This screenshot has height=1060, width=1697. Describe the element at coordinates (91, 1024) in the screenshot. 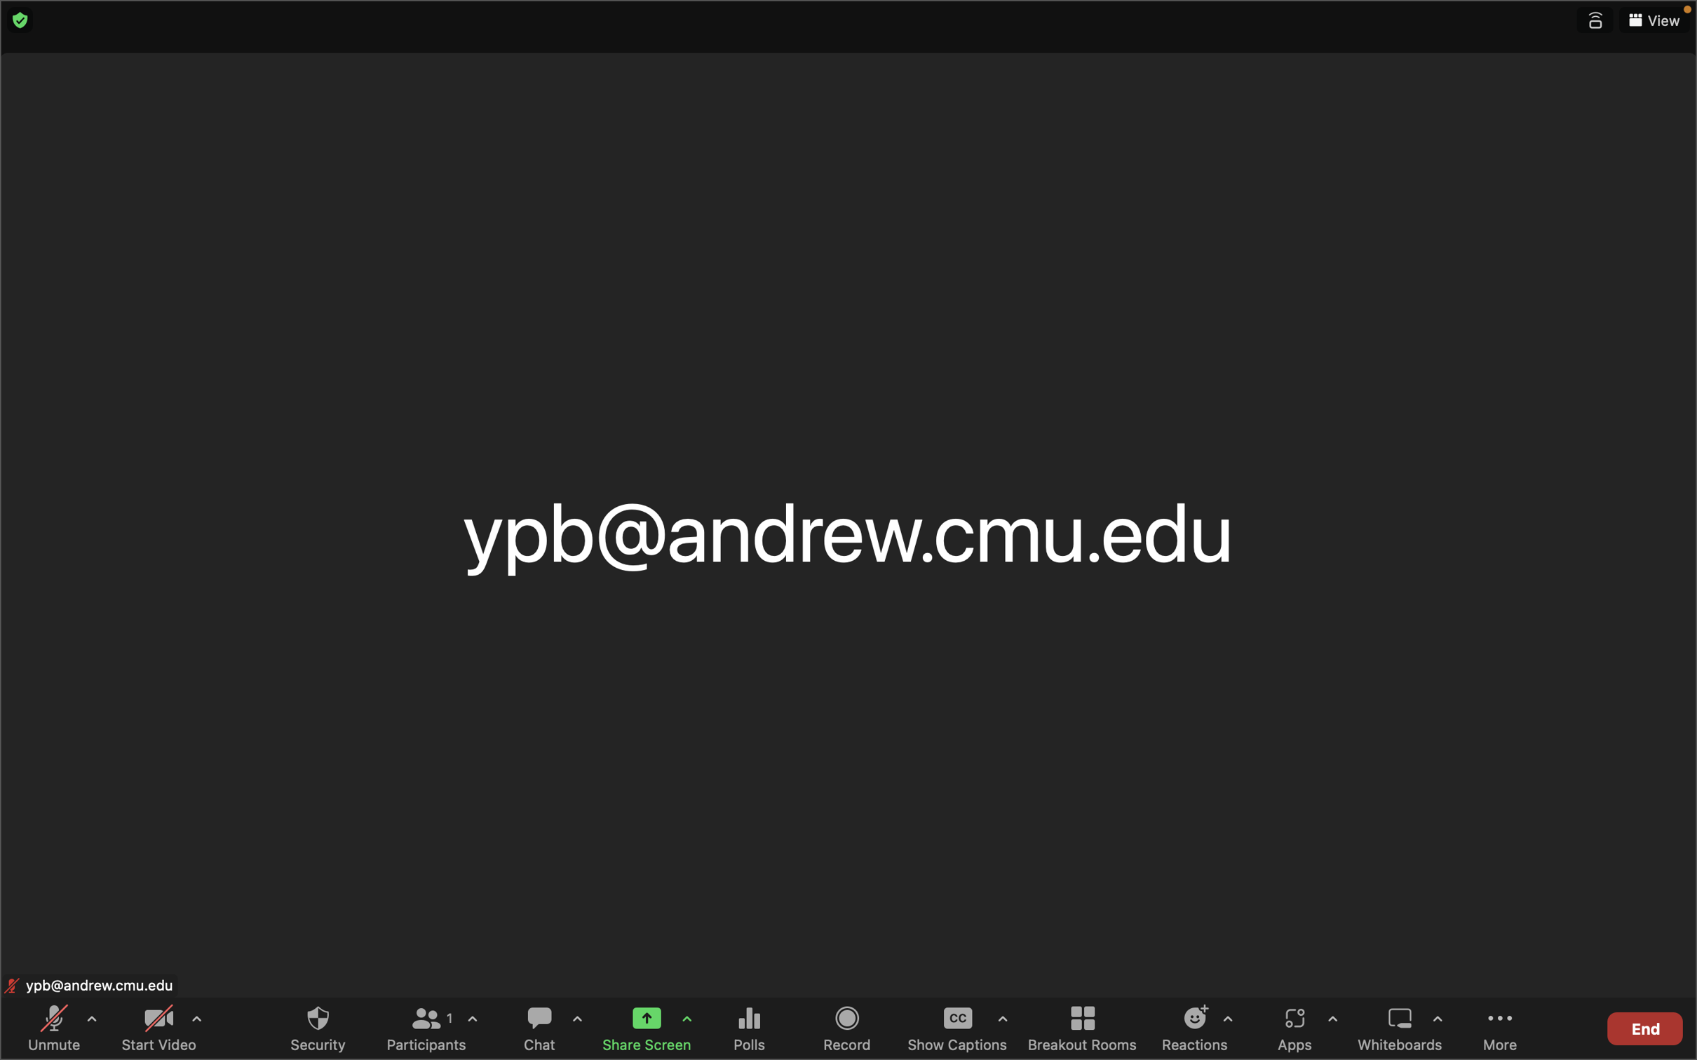

I see `the audio settings` at that location.